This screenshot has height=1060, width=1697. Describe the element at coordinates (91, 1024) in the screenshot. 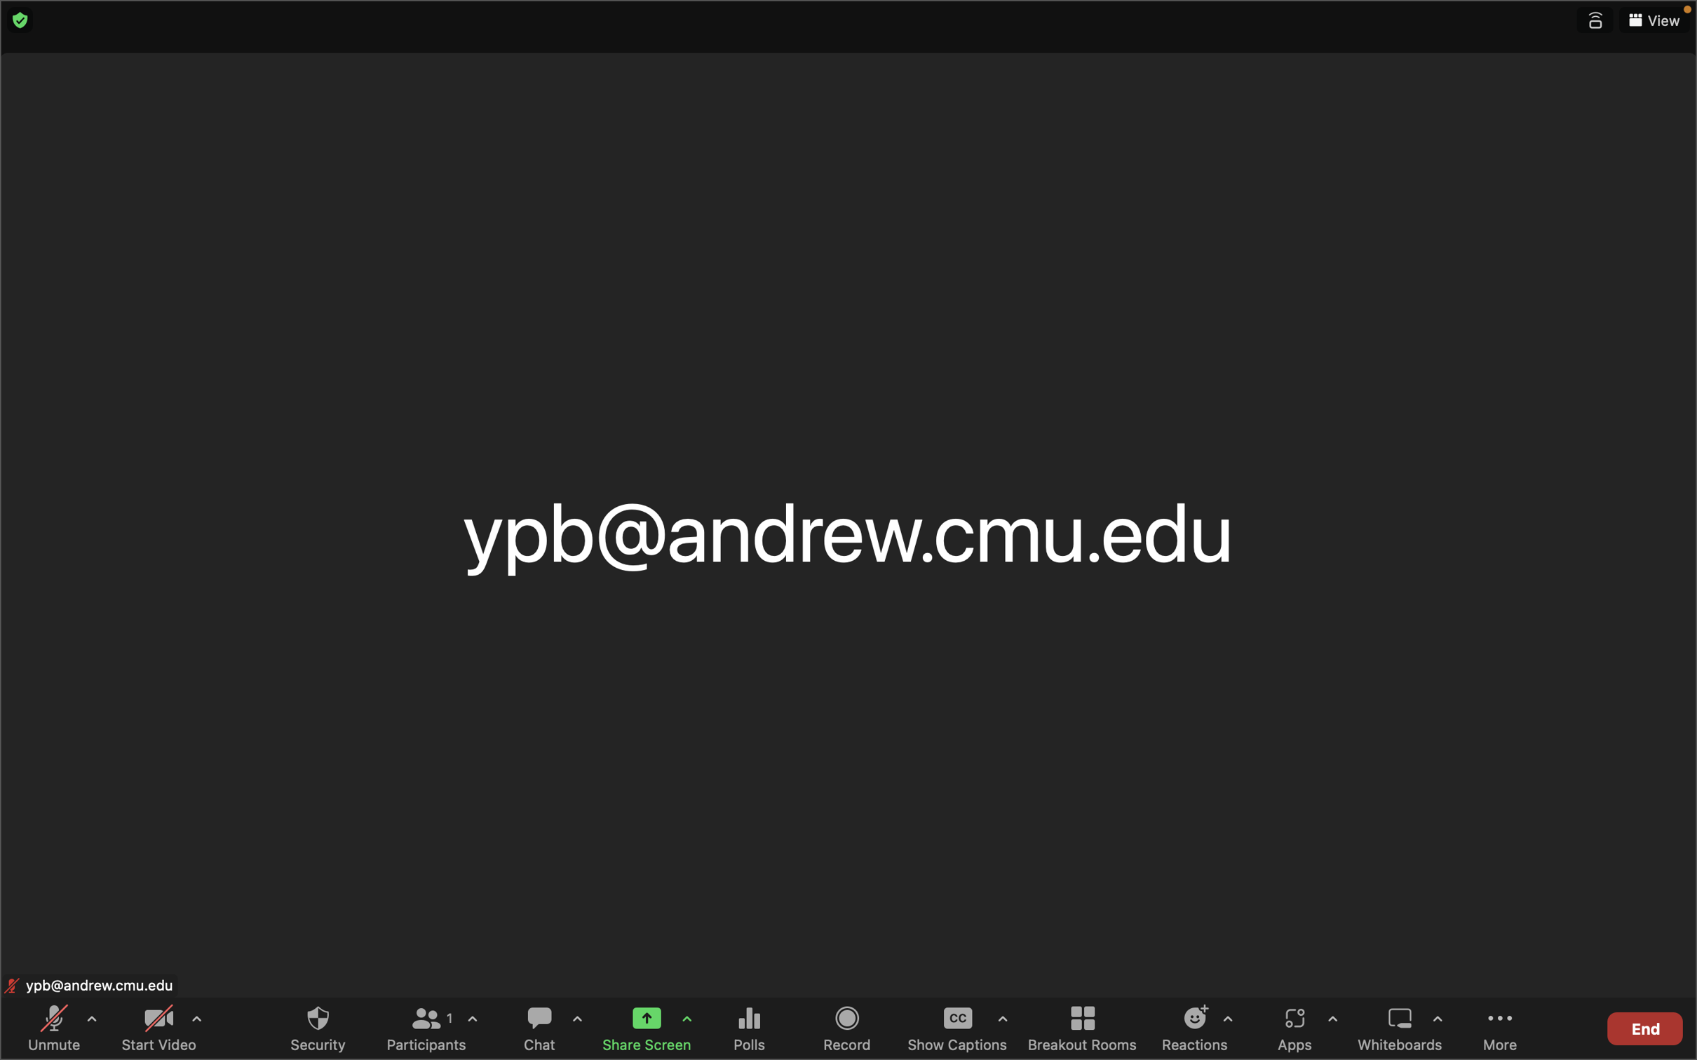

I see `the audio settings` at that location.